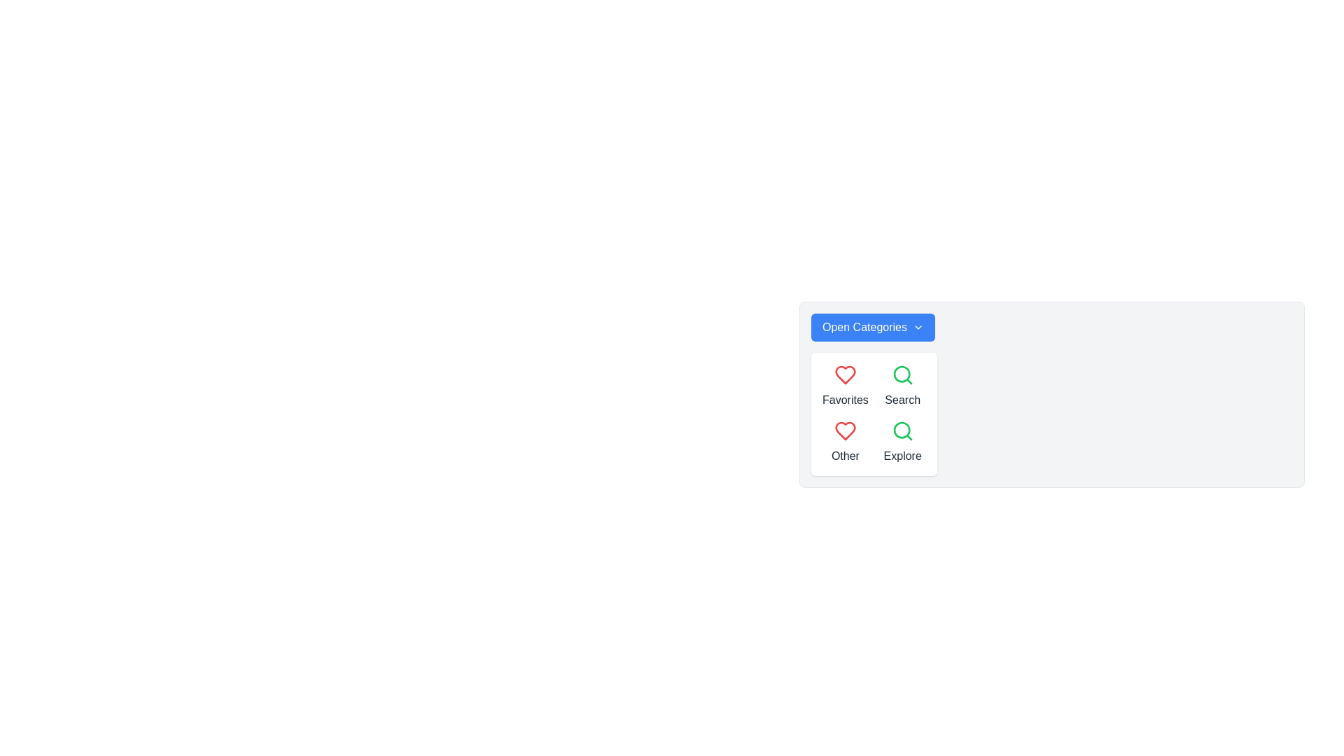 Image resolution: width=1344 pixels, height=756 pixels. Describe the element at coordinates (844, 386) in the screenshot. I see `the 'Favorites' labeled icon element located in the upper-left quadrant of the grid layout` at that location.